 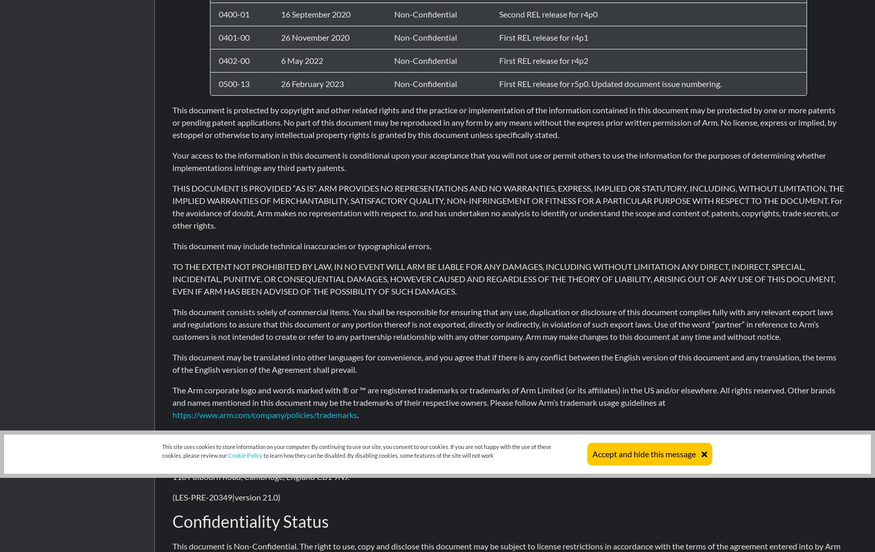 I want to click on 'The Arm corporate logo and words marked with ® or ™ are registered trademarks or trademarks of Arm Limited (or its affiliates) in the US and/or elsewhere. All rights reserved. Other brands and names mentioned in this document may be the trademarks of their respective owners. Please follow Arm’s trademark usage guidelines at', so click(x=172, y=396).